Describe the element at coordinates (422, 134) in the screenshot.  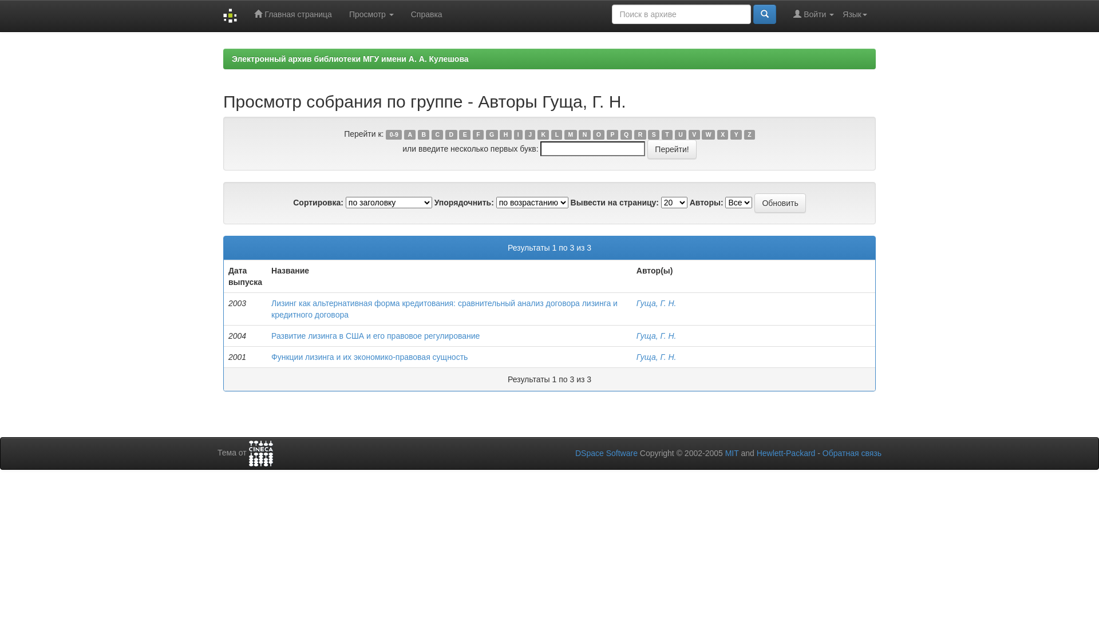
I see `'B'` at that location.